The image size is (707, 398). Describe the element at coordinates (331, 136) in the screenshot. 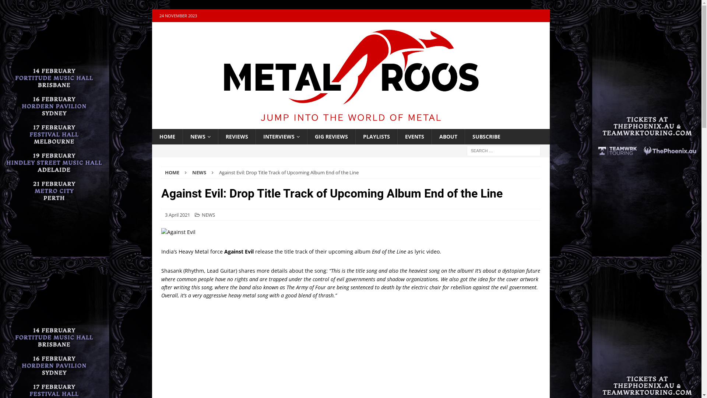

I see `'GIG REVIEWS'` at that location.